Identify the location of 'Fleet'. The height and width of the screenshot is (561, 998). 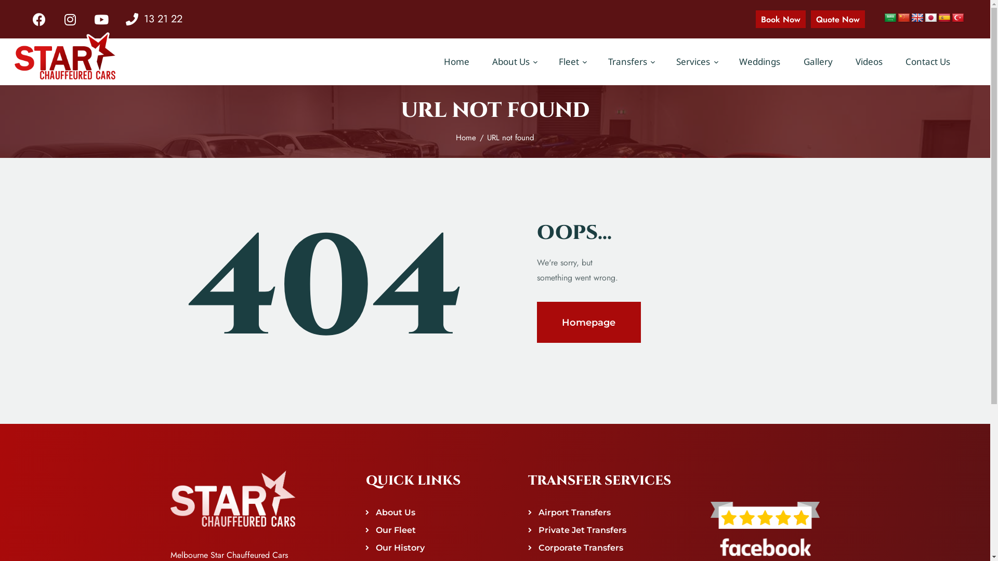
(546, 62).